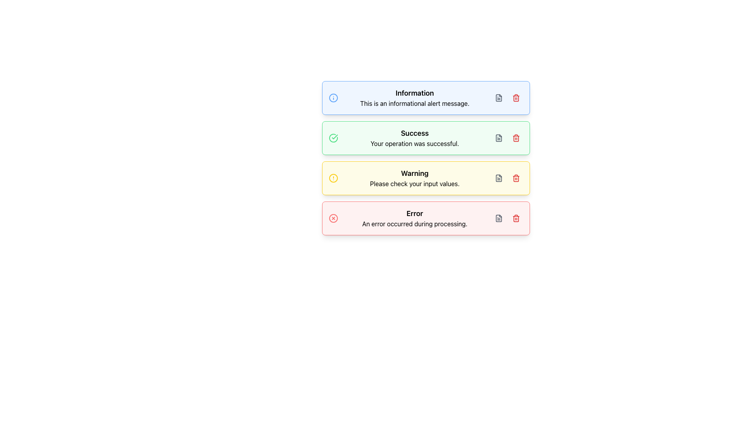  What do you see at coordinates (516, 98) in the screenshot?
I see `the delete button located in the top-right corner of the blue alert box labeled 'Information'` at bounding box center [516, 98].